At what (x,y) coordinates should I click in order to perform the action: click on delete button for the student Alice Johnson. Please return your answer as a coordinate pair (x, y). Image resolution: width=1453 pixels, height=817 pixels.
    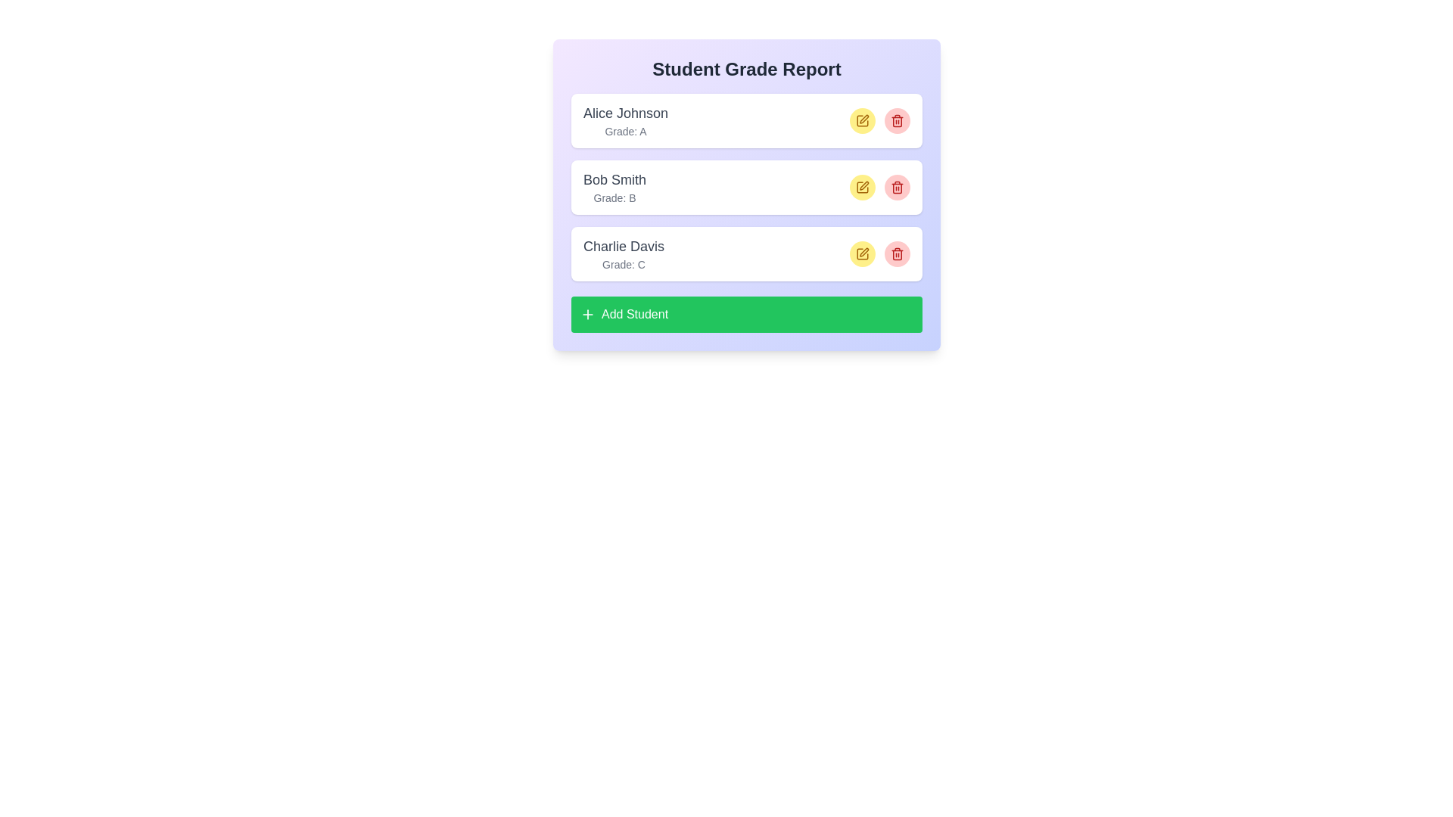
    Looking at the image, I should click on (897, 120).